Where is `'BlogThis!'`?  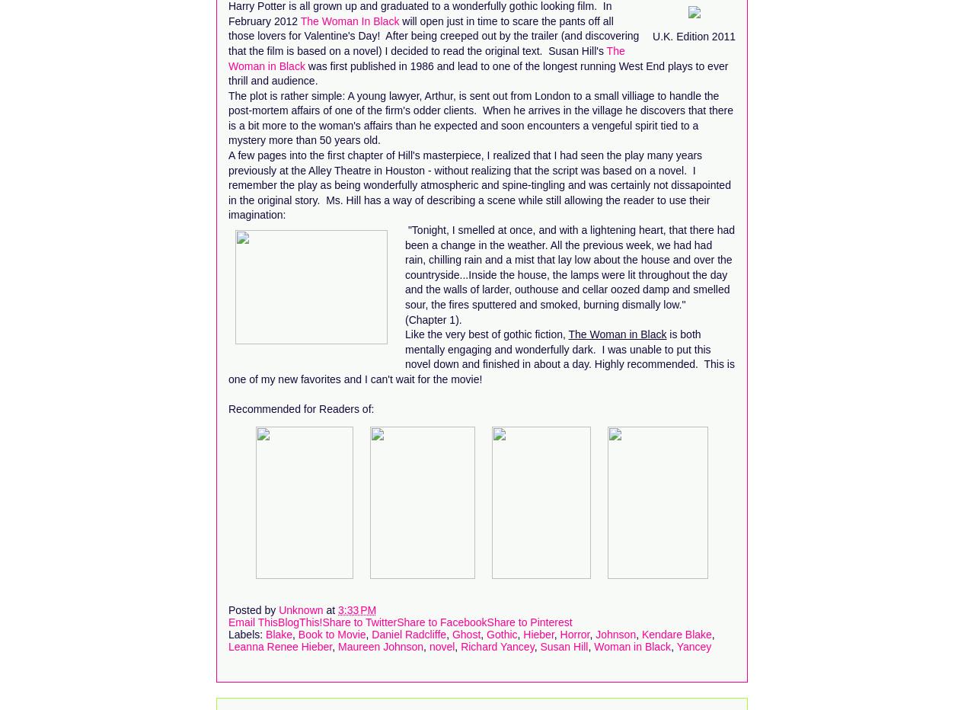 'BlogThis!' is located at coordinates (276, 621).